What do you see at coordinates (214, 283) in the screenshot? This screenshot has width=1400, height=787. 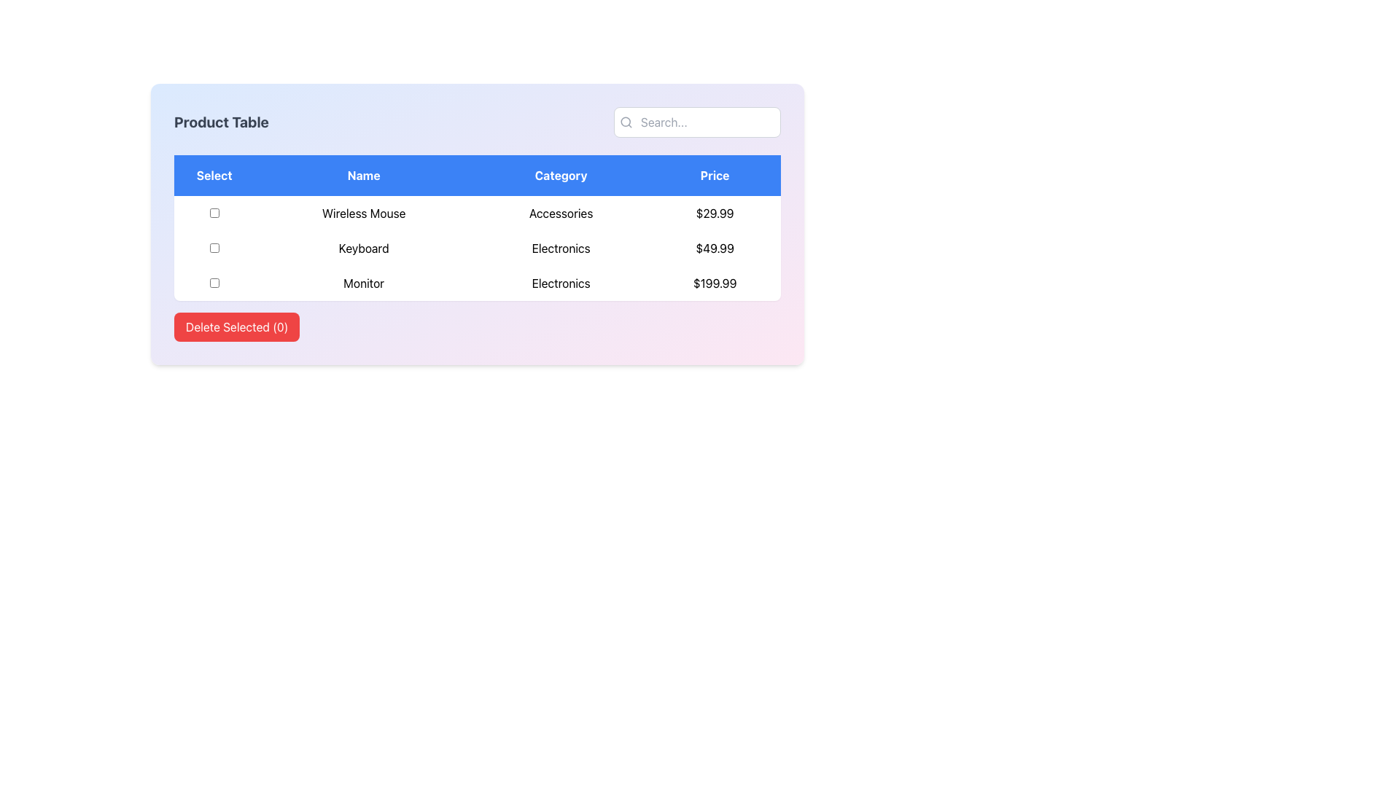 I see `the checkbox located in the first column of the 'Monitor' row in the product table for keyboard interactions` at bounding box center [214, 283].